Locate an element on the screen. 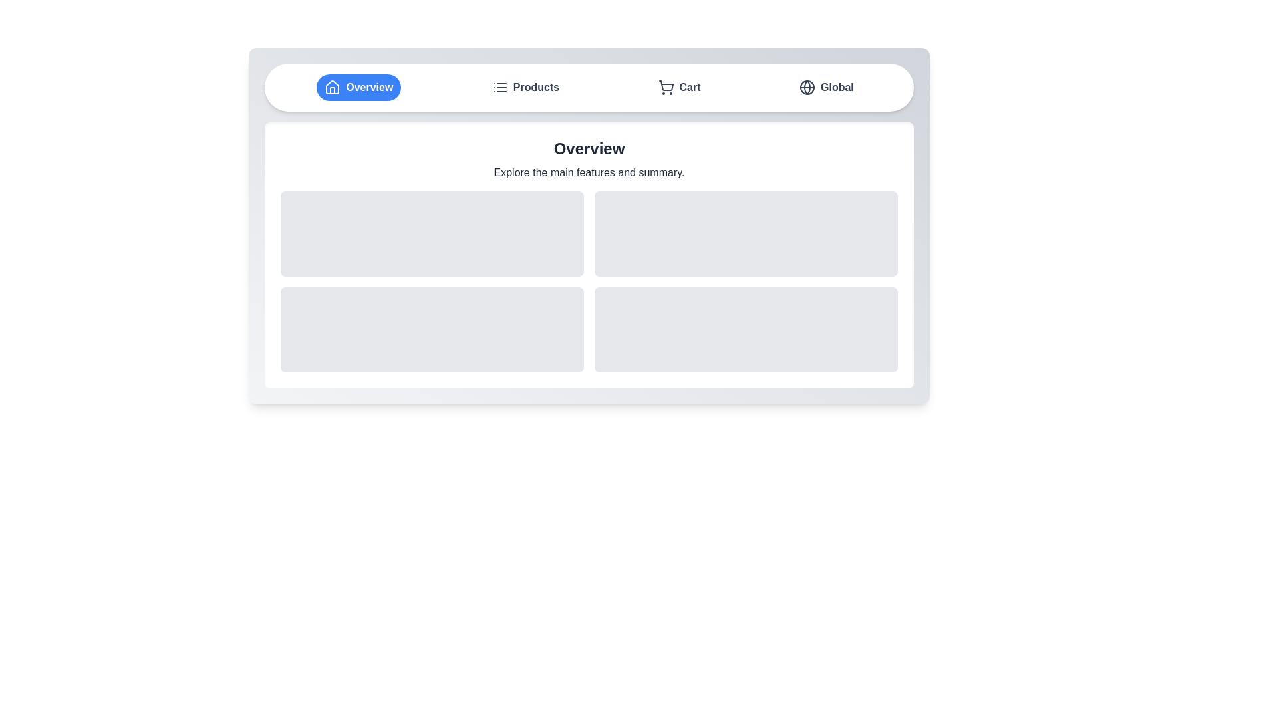 Image resolution: width=1277 pixels, height=718 pixels. the Global tab to switch to its content is located at coordinates (825, 87).